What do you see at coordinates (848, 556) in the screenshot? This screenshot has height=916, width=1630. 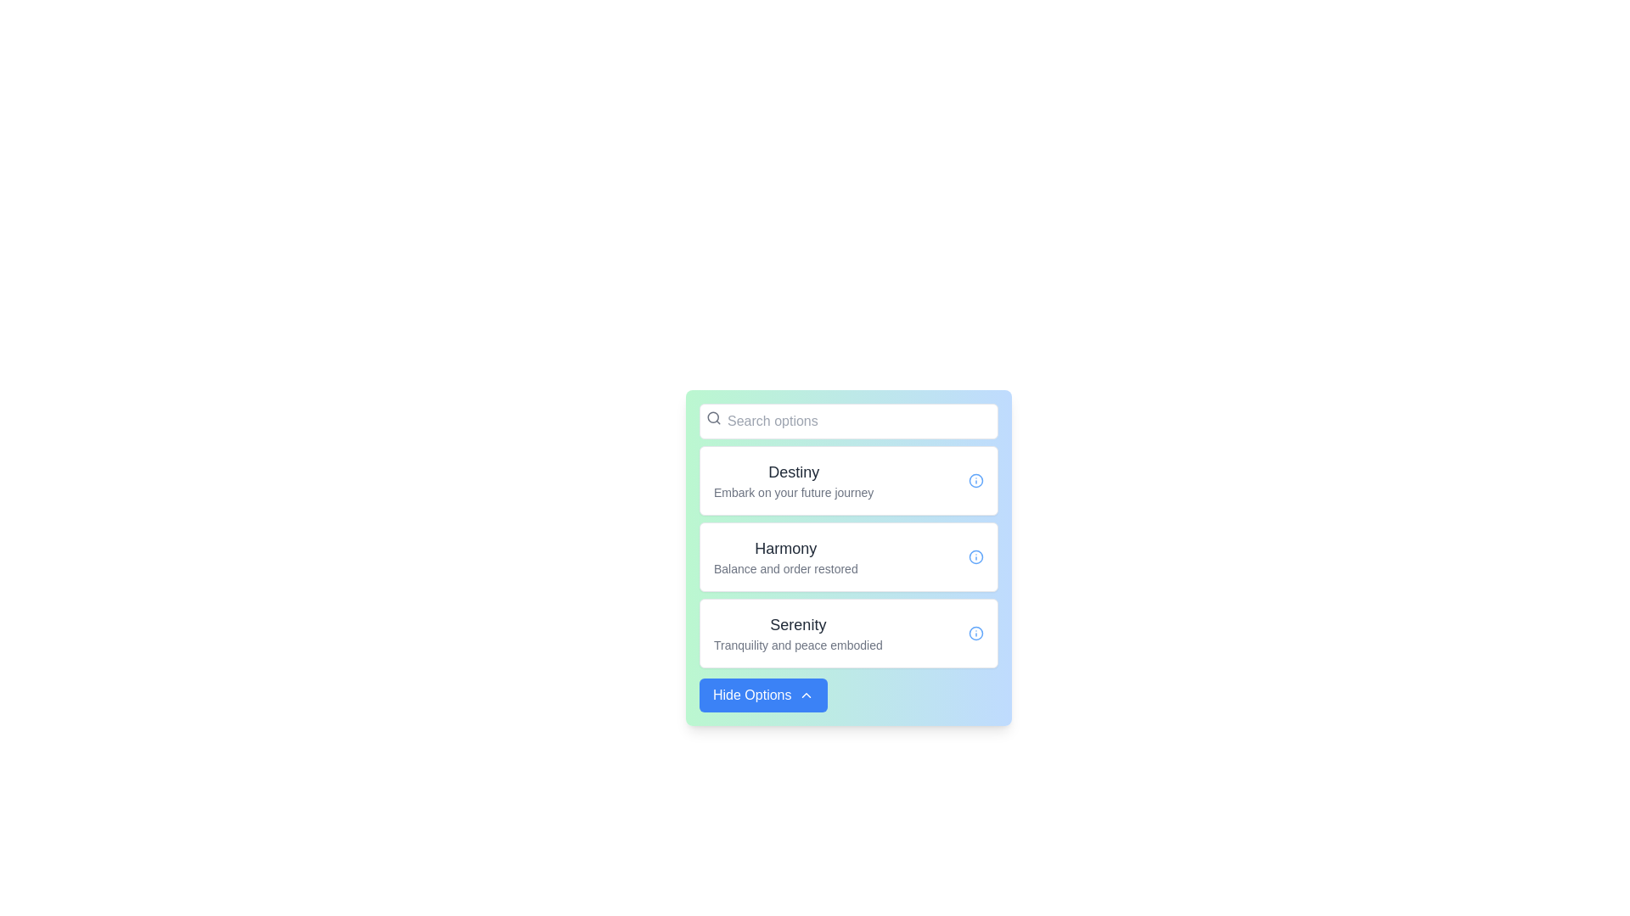 I see `the 'Harmony' selectable dropdown option, which is the second item in a vertical list of three options, located below 'Destiny' and above 'Serenity'` at bounding box center [848, 556].